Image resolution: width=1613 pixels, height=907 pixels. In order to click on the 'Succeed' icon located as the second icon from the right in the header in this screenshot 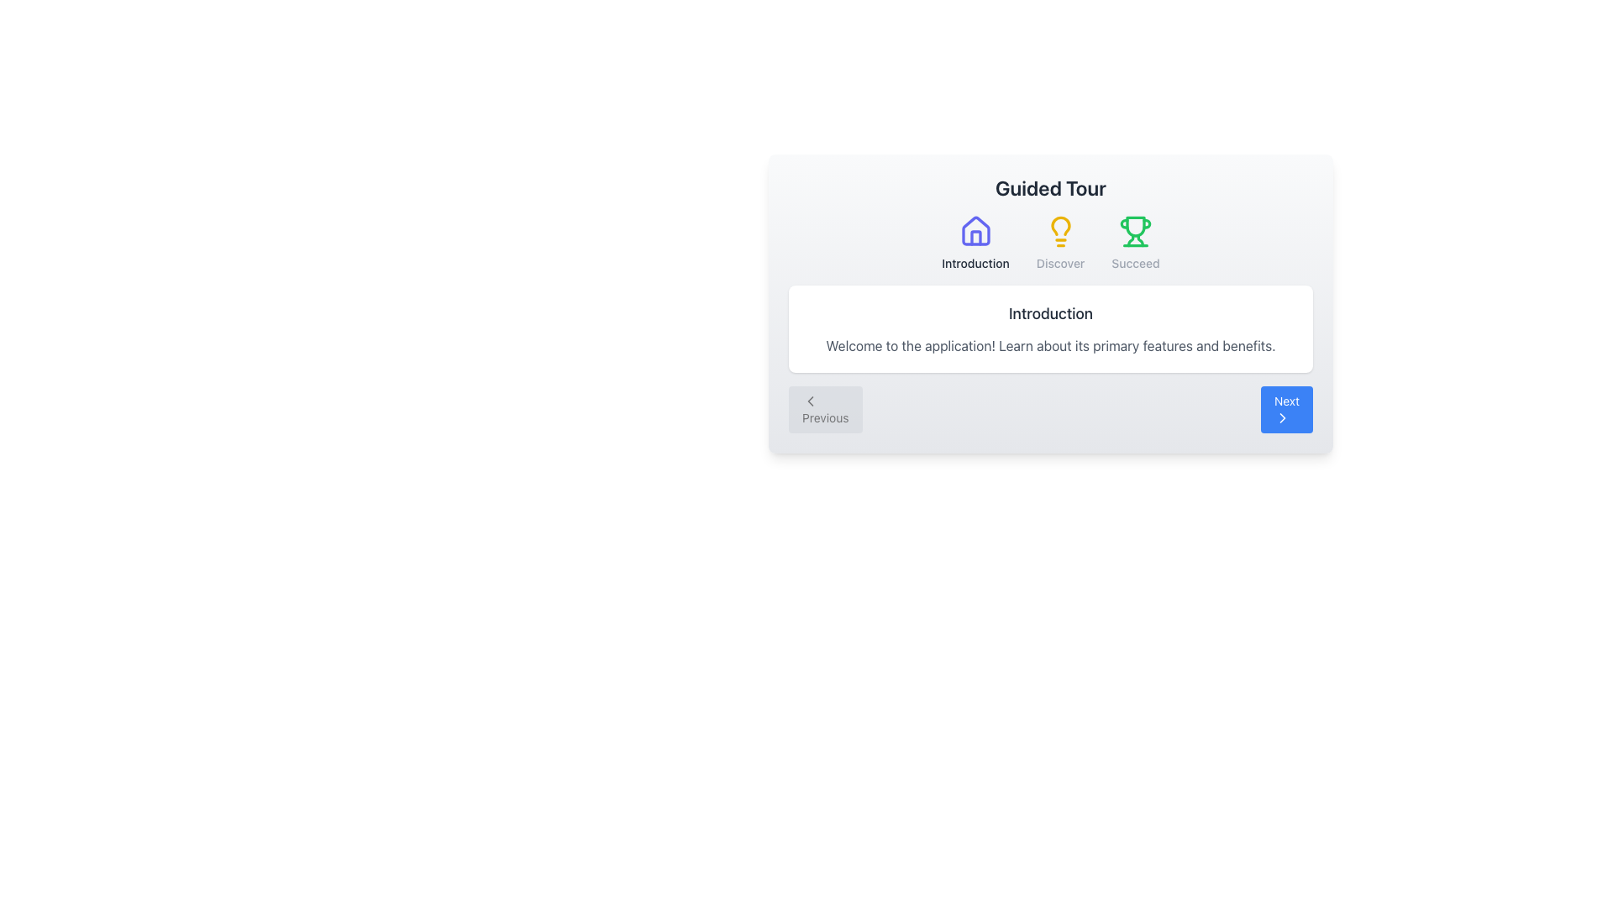, I will do `click(1136, 232)`.